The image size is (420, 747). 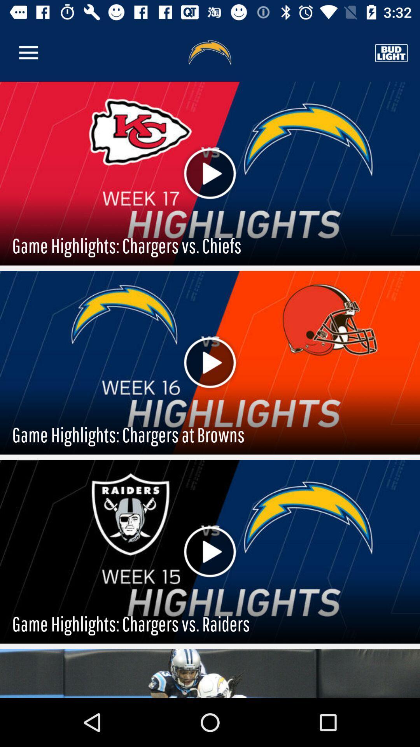 What do you see at coordinates (391, 53) in the screenshot?
I see `item at the top right corner` at bounding box center [391, 53].